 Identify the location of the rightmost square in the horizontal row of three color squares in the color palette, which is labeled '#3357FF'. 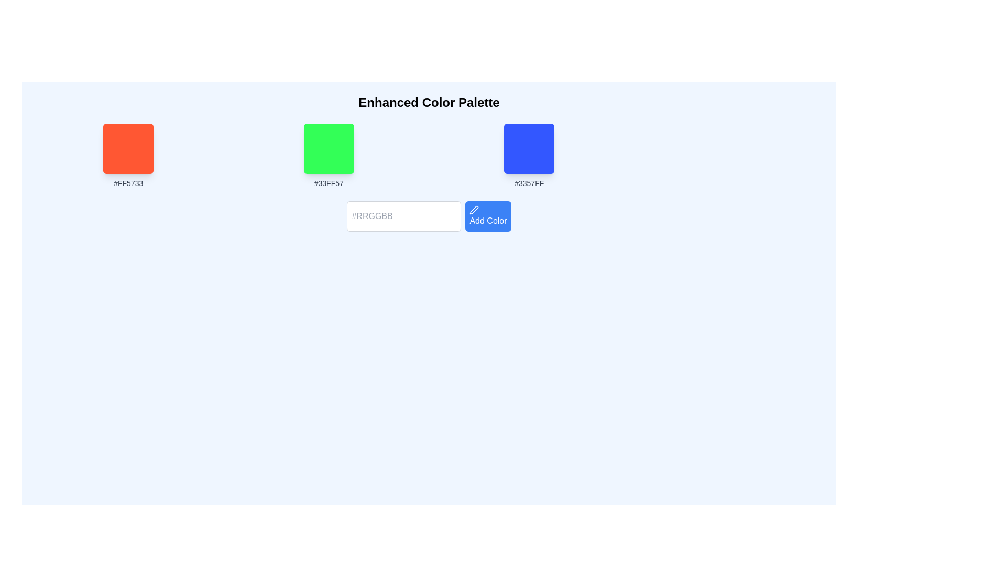
(529, 149).